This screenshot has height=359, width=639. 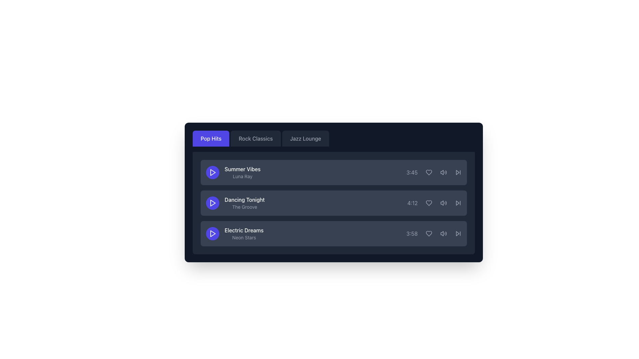 I want to click on the triangular red play button icon with a purple background, located to the left of the 'Electric Dreams' song item, so click(x=212, y=233).